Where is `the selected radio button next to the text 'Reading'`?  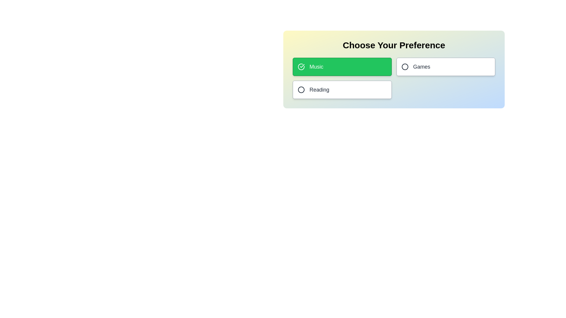 the selected radio button next to the text 'Reading' is located at coordinates (301, 90).